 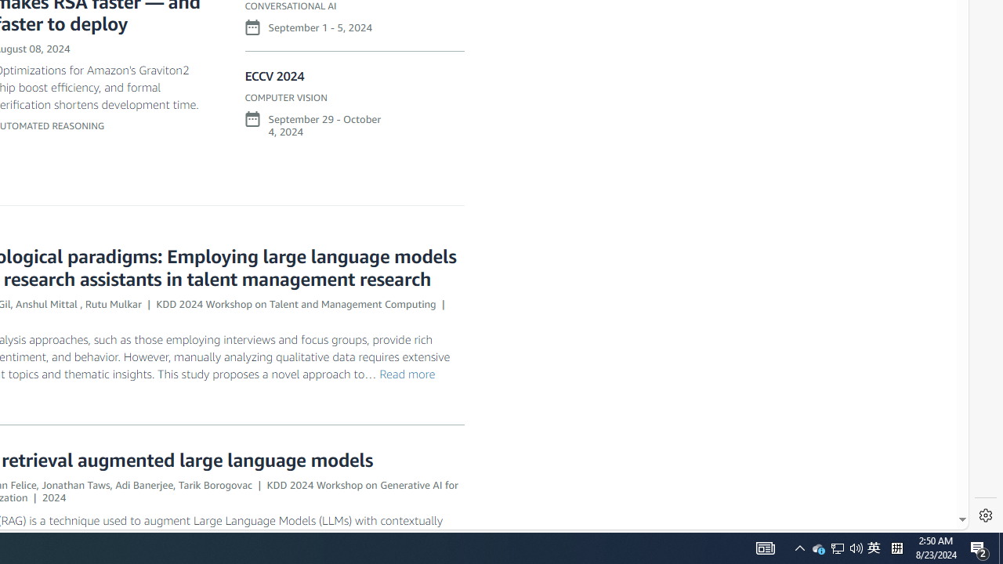 What do you see at coordinates (353, 110) in the screenshot?
I see `'ECCV 2024COMPUTER VISIONSeptember 29 - October 4, 2024'` at bounding box center [353, 110].